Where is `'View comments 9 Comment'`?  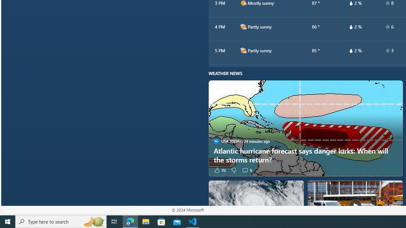 'View comments 9 Comment' is located at coordinates (246, 170).